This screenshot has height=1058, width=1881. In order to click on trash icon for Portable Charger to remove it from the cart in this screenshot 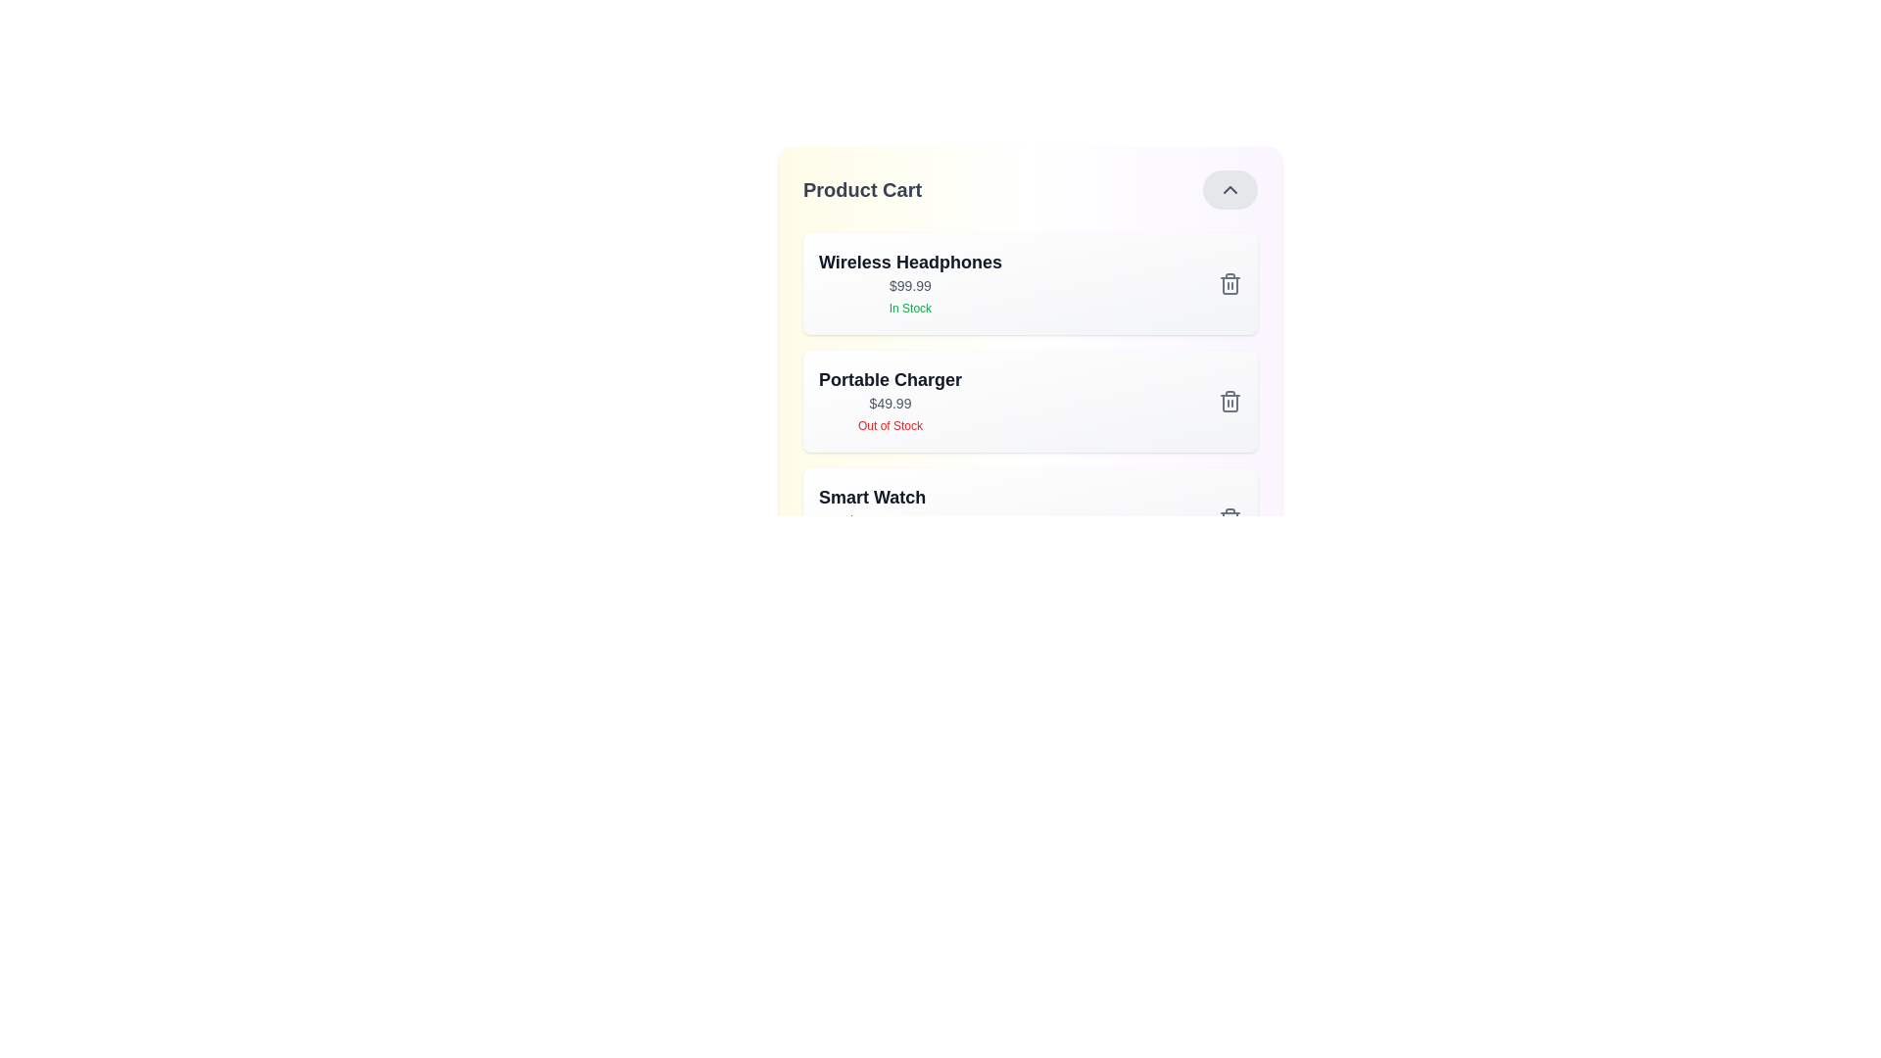, I will do `click(1230, 400)`.